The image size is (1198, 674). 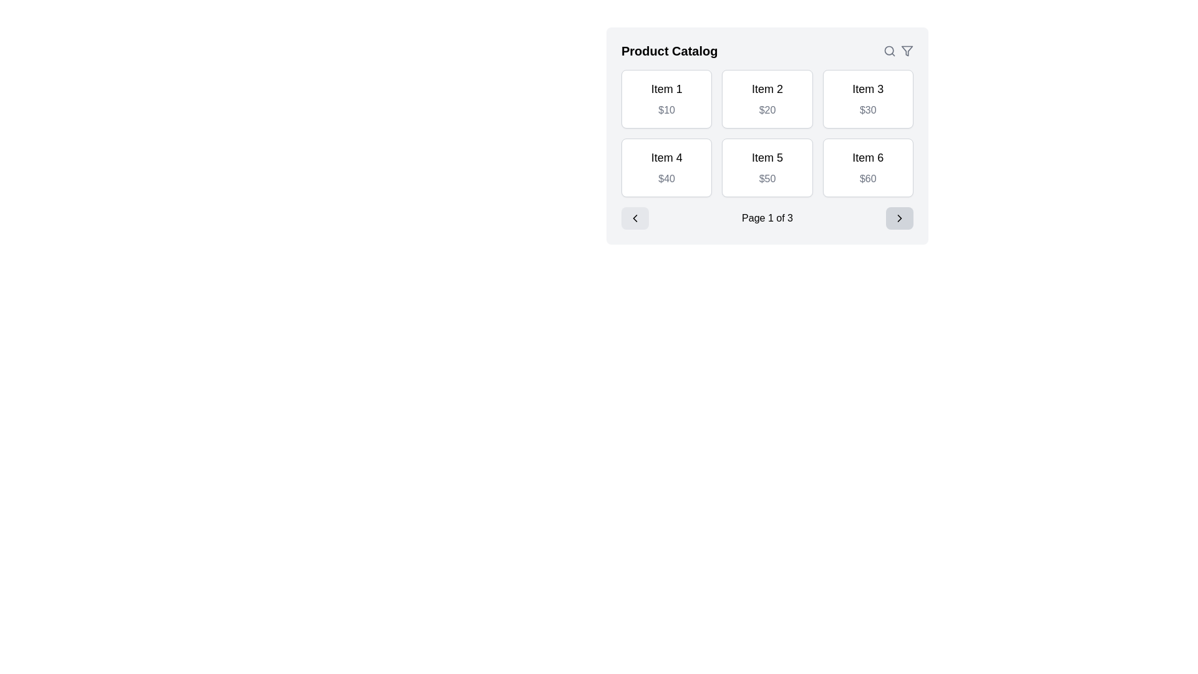 What do you see at coordinates (666, 178) in the screenshot?
I see `the text label displaying the value '$40' in gray font, which is located directly below 'Item 4' in the bottom-left section of the product catalog grid` at bounding box center [666, 178].